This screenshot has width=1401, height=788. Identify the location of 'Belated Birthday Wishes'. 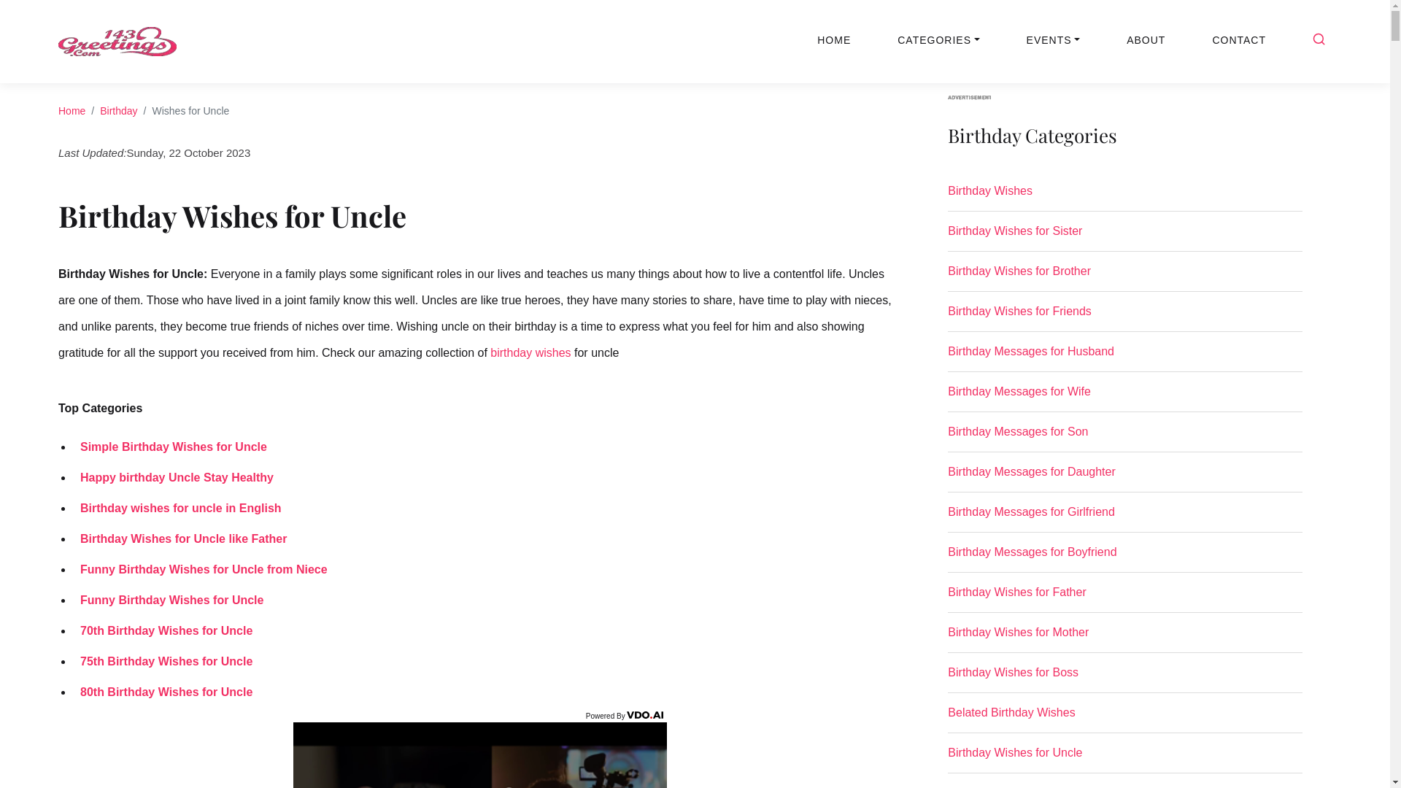
(1124, 717).